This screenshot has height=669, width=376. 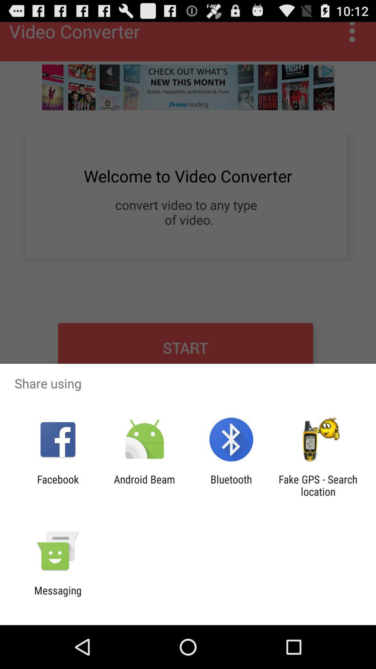 I want to click on icon next to android beam item, so click(x=231, y=485).